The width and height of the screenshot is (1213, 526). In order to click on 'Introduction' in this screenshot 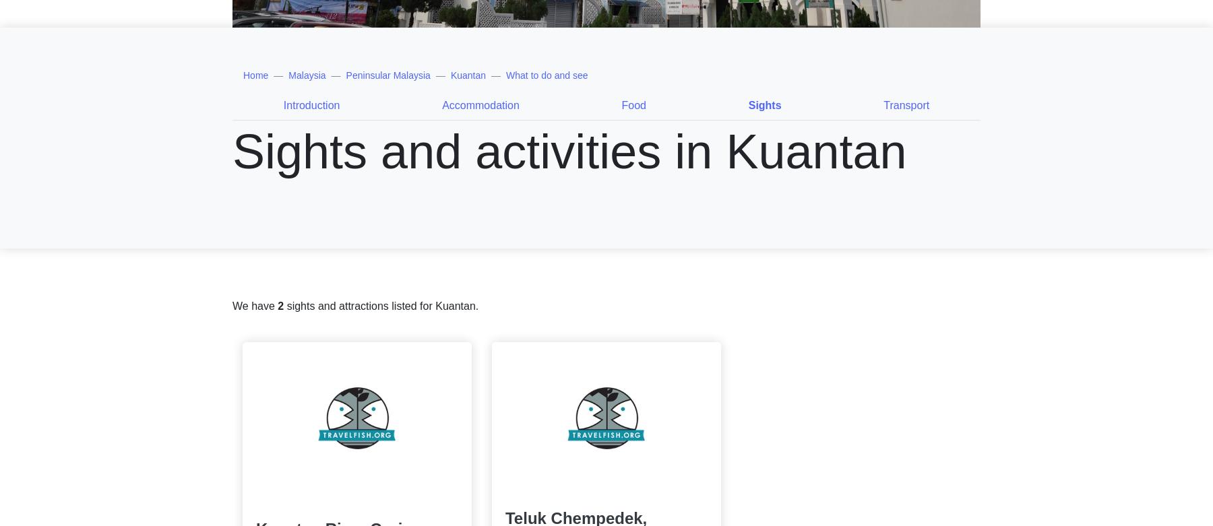, I will do `click(311, 104)`.